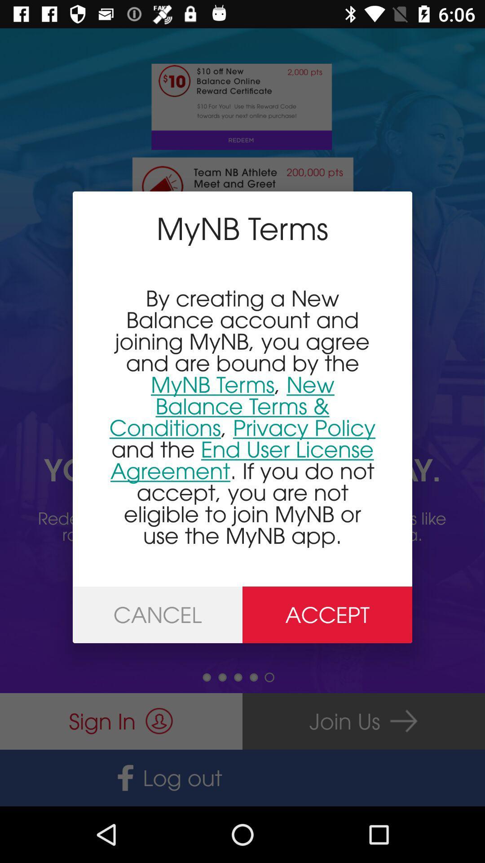  I want to click on icon below the mynb terms item, so click(242, 416).